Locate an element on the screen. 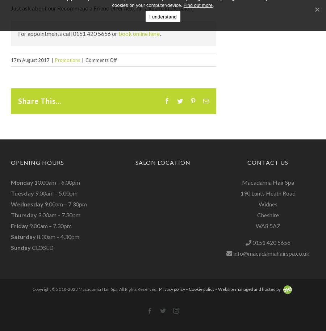 The height and width of the screenshot is (331, 326). '8.30am – 4.30pm' is located at coordinates (58, 236).